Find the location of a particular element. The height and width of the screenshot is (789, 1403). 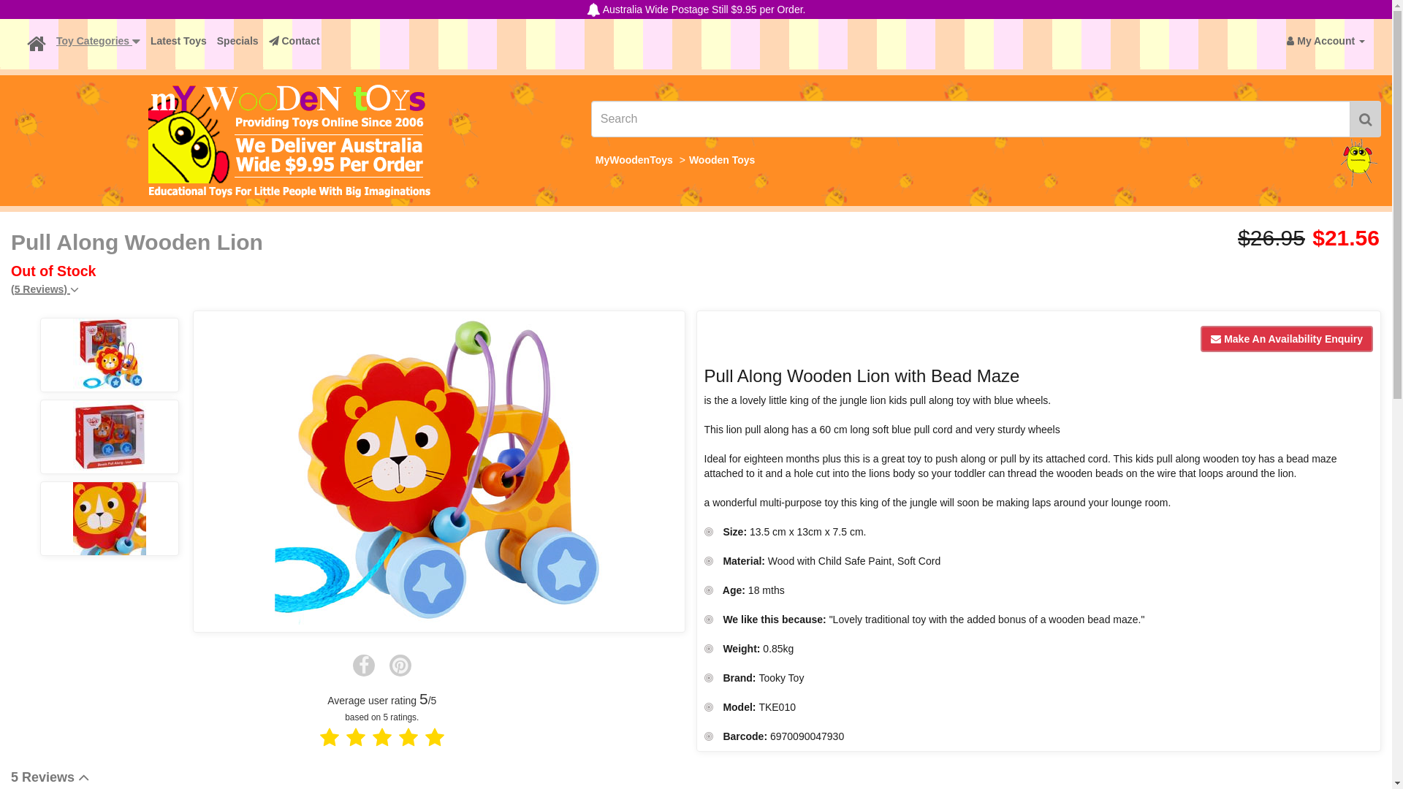

'5 Reviews ' is located at coordinates (50, 777).